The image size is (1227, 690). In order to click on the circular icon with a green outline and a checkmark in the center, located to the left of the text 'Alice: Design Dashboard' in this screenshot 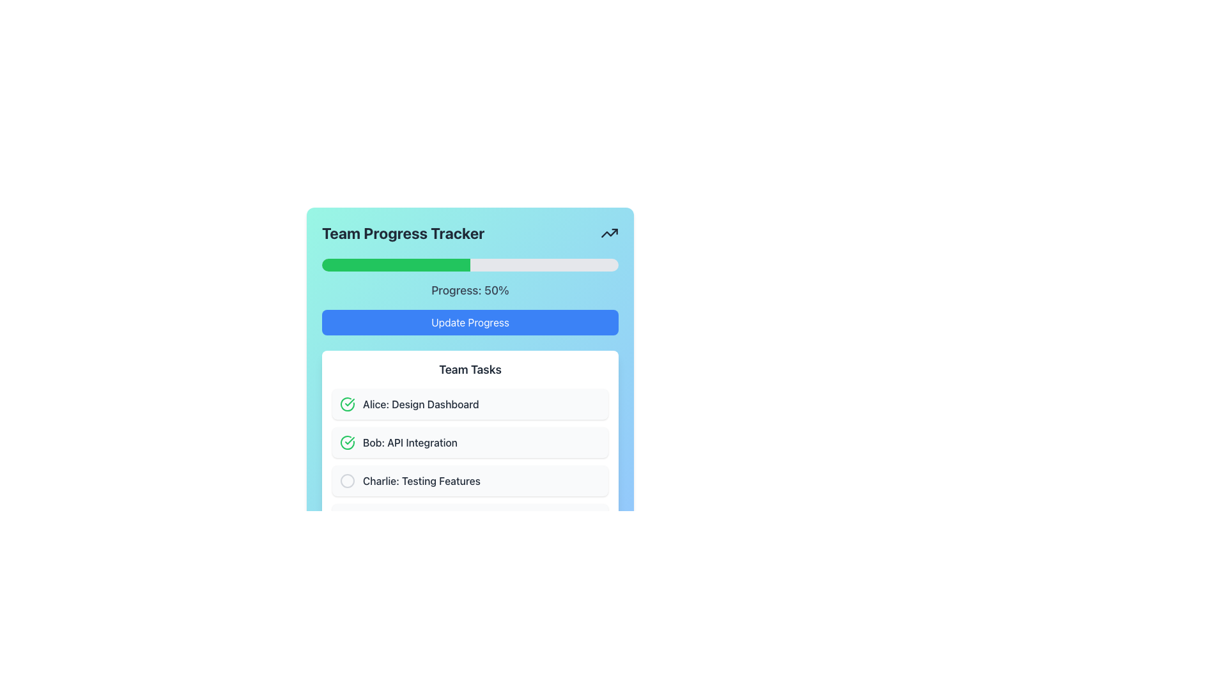, I will do `click(347, 404)`.